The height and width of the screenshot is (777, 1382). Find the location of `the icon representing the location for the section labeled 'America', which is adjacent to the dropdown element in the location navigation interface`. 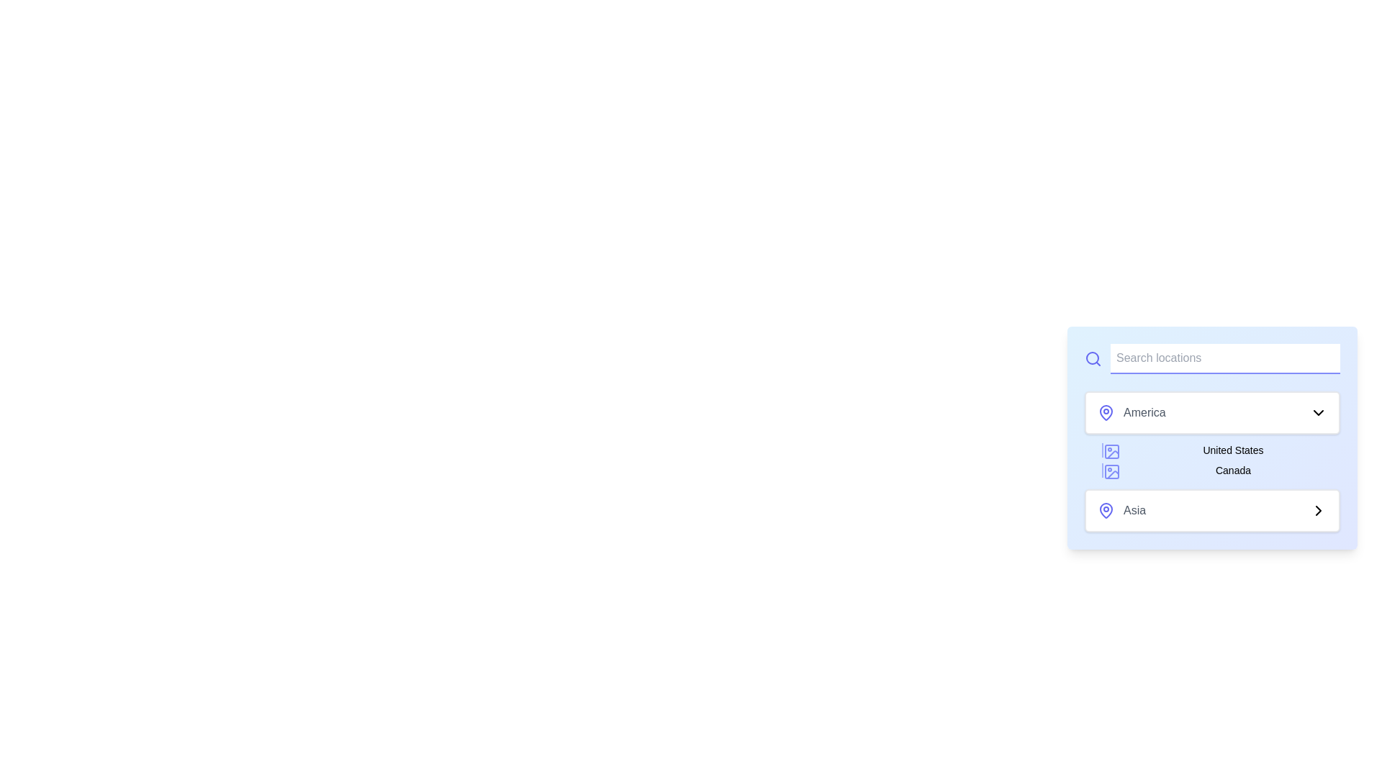

the icon representing the location for the section labeled 'America', which is adjacent to the dropdown element in the location navigation interface is located at coordinates (1105, 412).